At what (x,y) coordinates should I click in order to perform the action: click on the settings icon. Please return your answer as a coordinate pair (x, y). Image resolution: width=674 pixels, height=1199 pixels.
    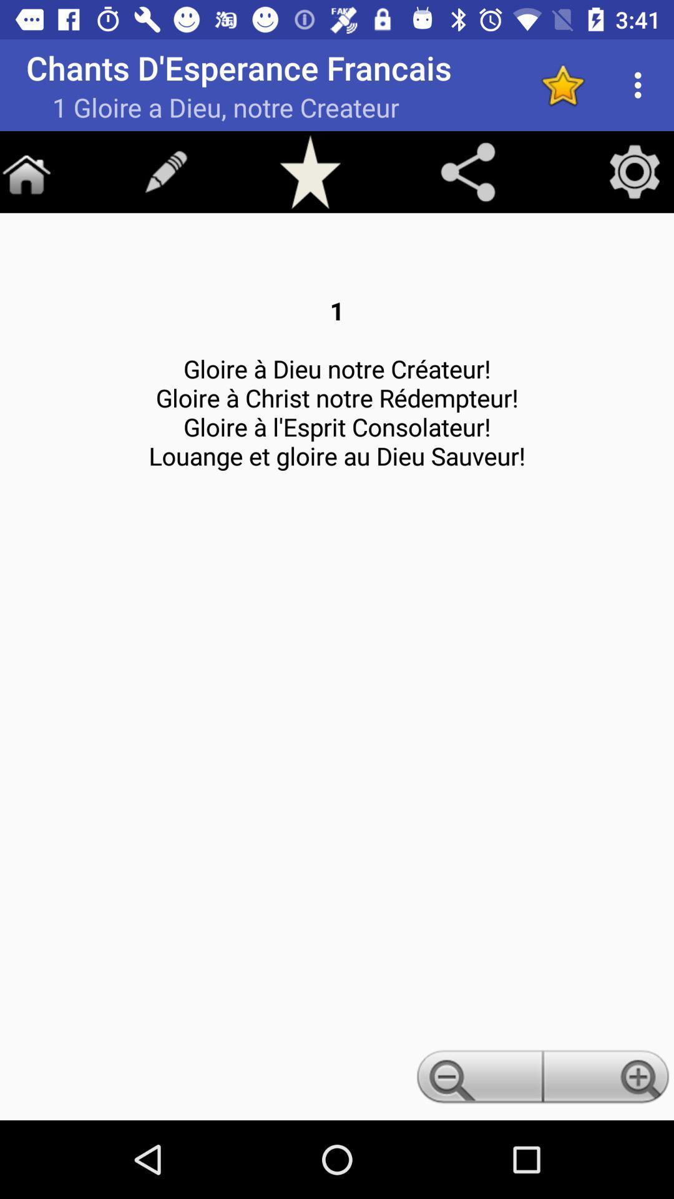
    Looking at the image, I should click on (635, 171).